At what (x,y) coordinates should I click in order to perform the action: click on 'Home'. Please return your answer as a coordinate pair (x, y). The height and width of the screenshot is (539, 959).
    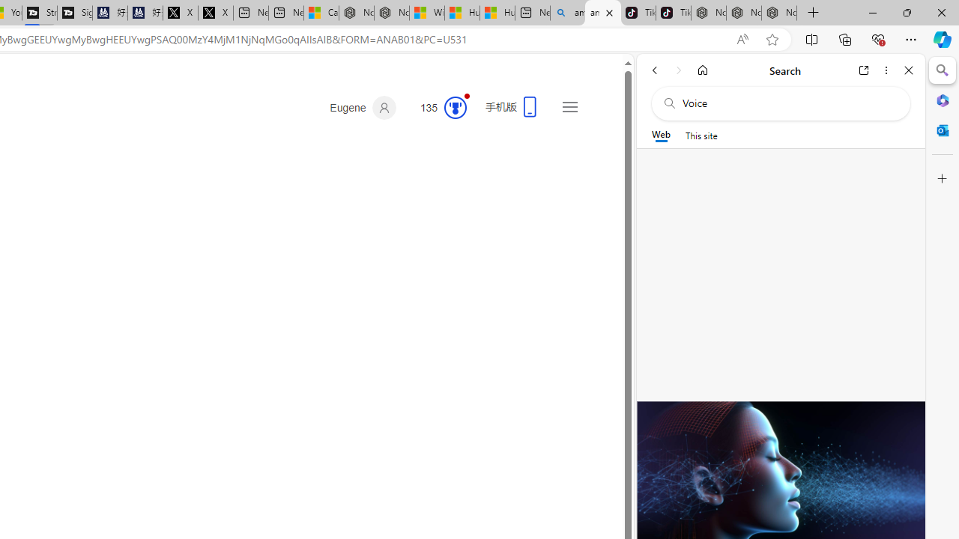
    Looking at the image, I should click on (702, 70).